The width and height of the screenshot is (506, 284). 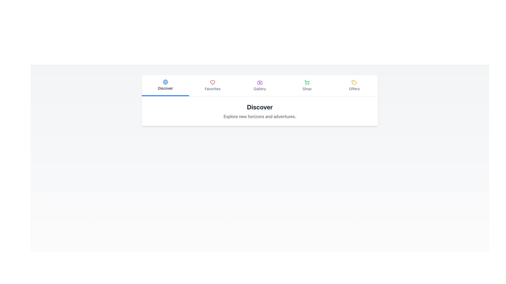 What do you see at coordinates (260, 82) in the screenshot?
I see `the camera icon in the navigation bar, which is the third icon in a sequence of five` at bounding box center [260, 82].